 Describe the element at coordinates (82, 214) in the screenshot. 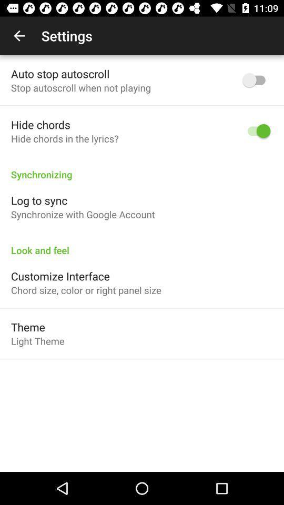

I see `the synchronize with google` at that location.